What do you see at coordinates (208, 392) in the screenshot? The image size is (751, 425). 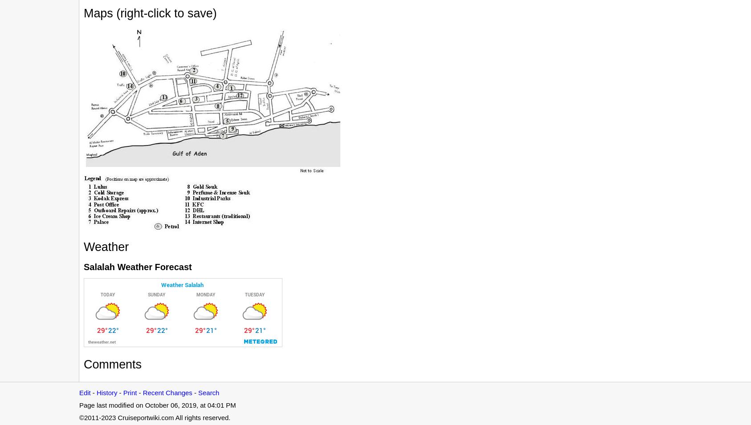 I see `'Search'` at bounding box center [208, 392].